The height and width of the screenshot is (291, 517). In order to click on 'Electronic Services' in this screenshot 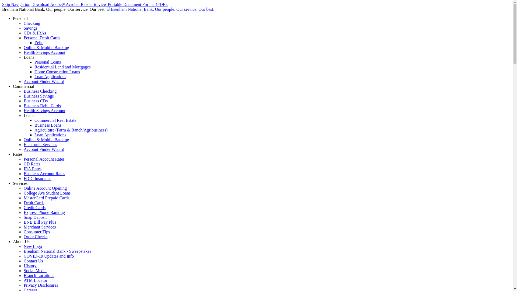, I will do `click(40, 144)`.